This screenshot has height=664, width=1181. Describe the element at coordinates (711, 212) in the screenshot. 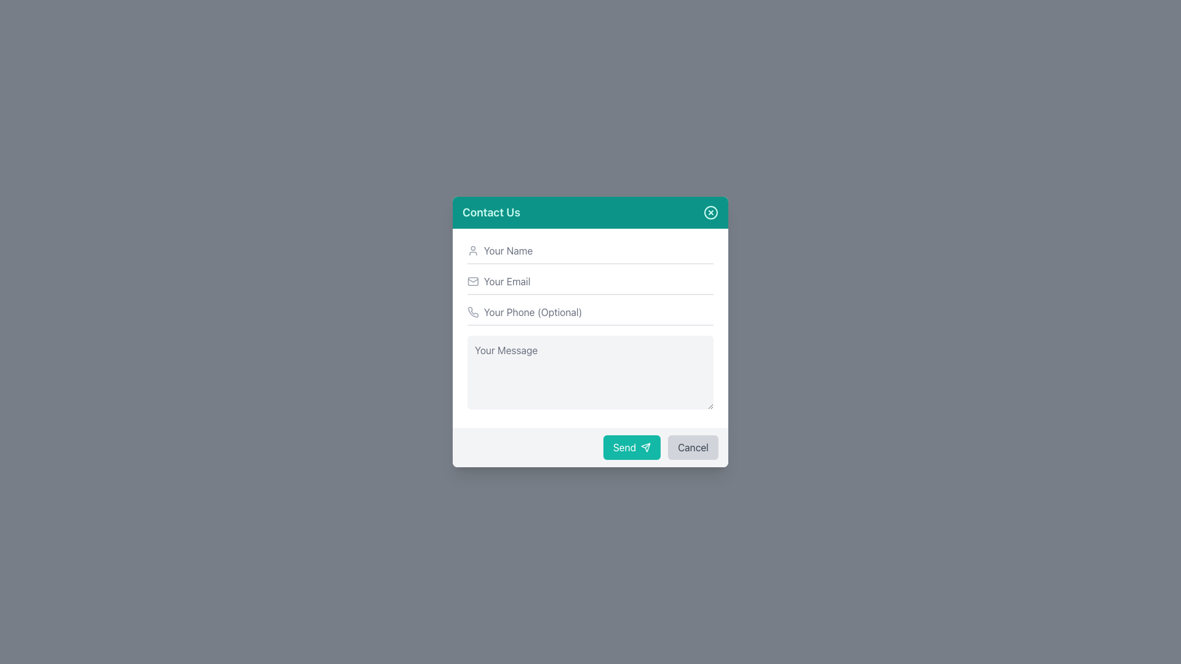

I see `the close button located at the top right of the 'Contact Us' header section in the modal window` at that location.